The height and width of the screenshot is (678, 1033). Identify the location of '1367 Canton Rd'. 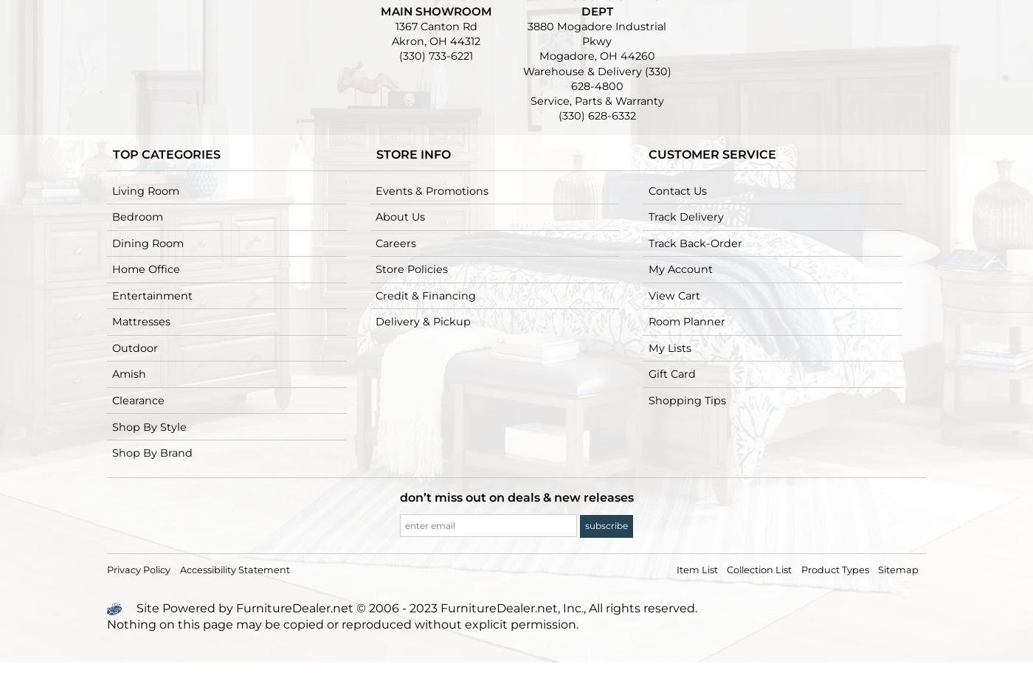
(435, 27).